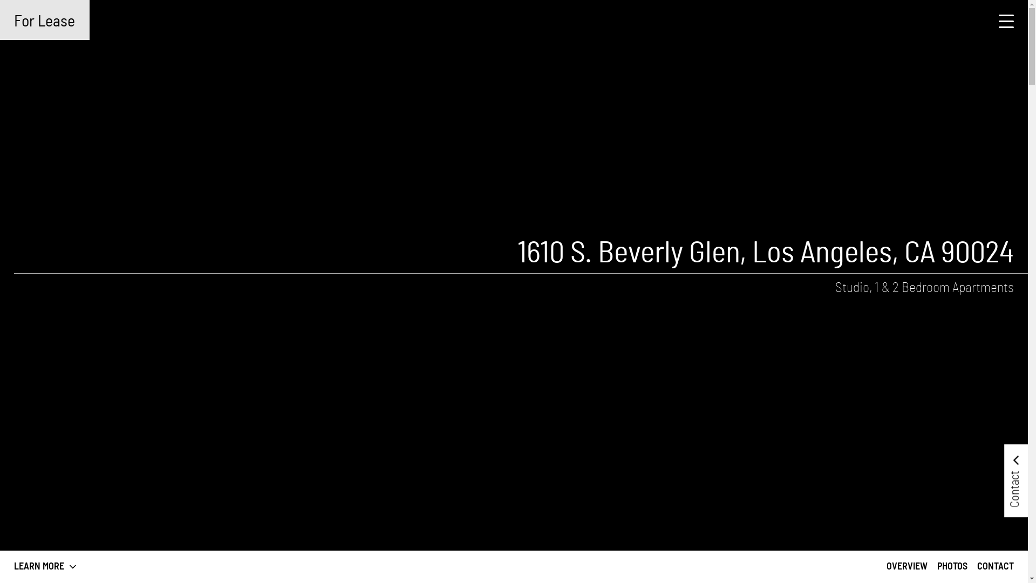 Image resolution: width=1036 pixels, height=583 pixels. What do you see at coordinates (952, 566) in the screenshot?
I see `'PHOTOS'` at bounding box center [952, 566].